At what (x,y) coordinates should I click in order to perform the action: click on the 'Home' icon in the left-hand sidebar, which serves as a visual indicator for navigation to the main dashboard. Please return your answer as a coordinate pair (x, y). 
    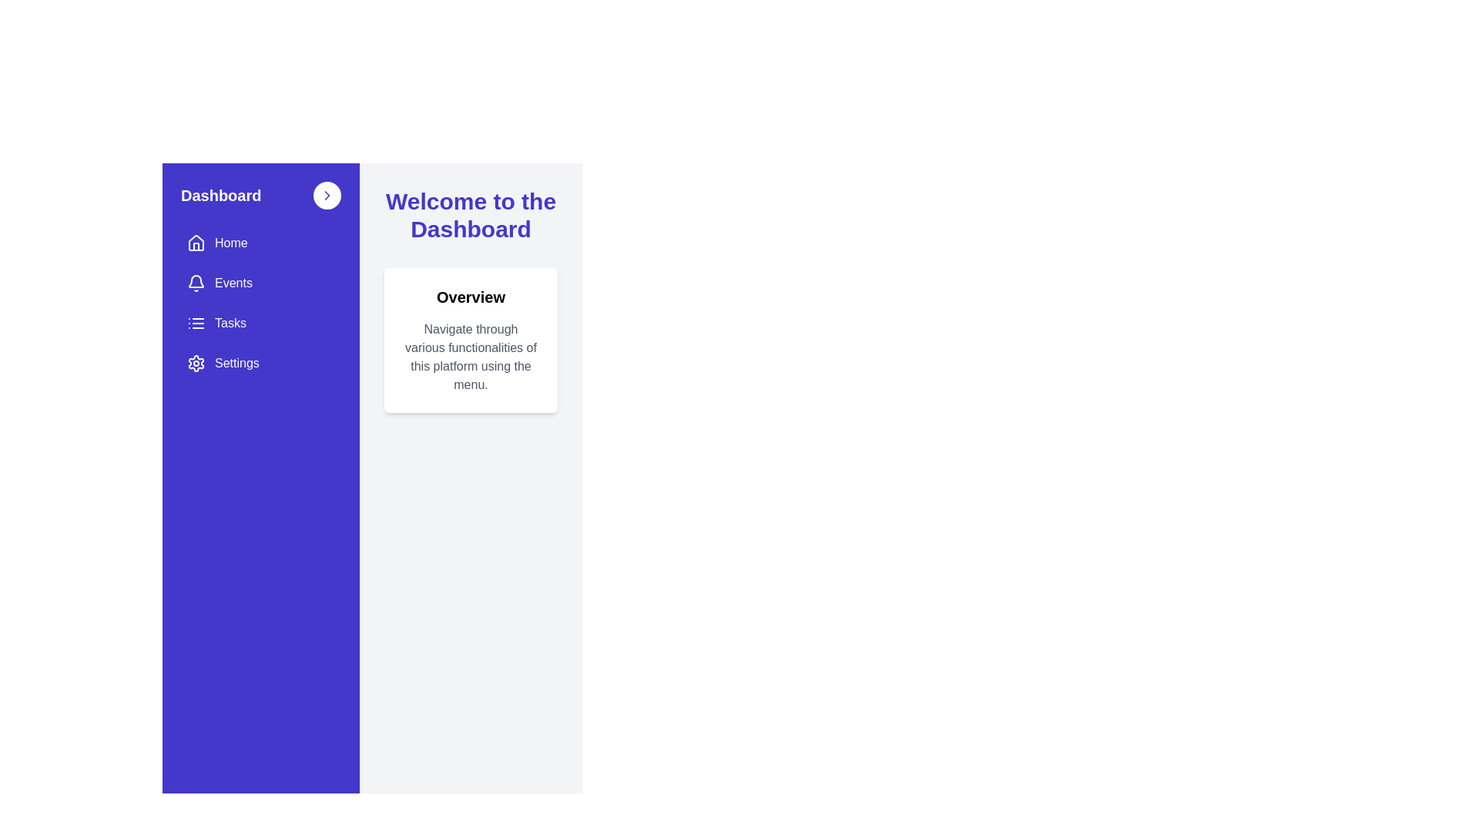
    Looking at the image, I should click on (195, 243).